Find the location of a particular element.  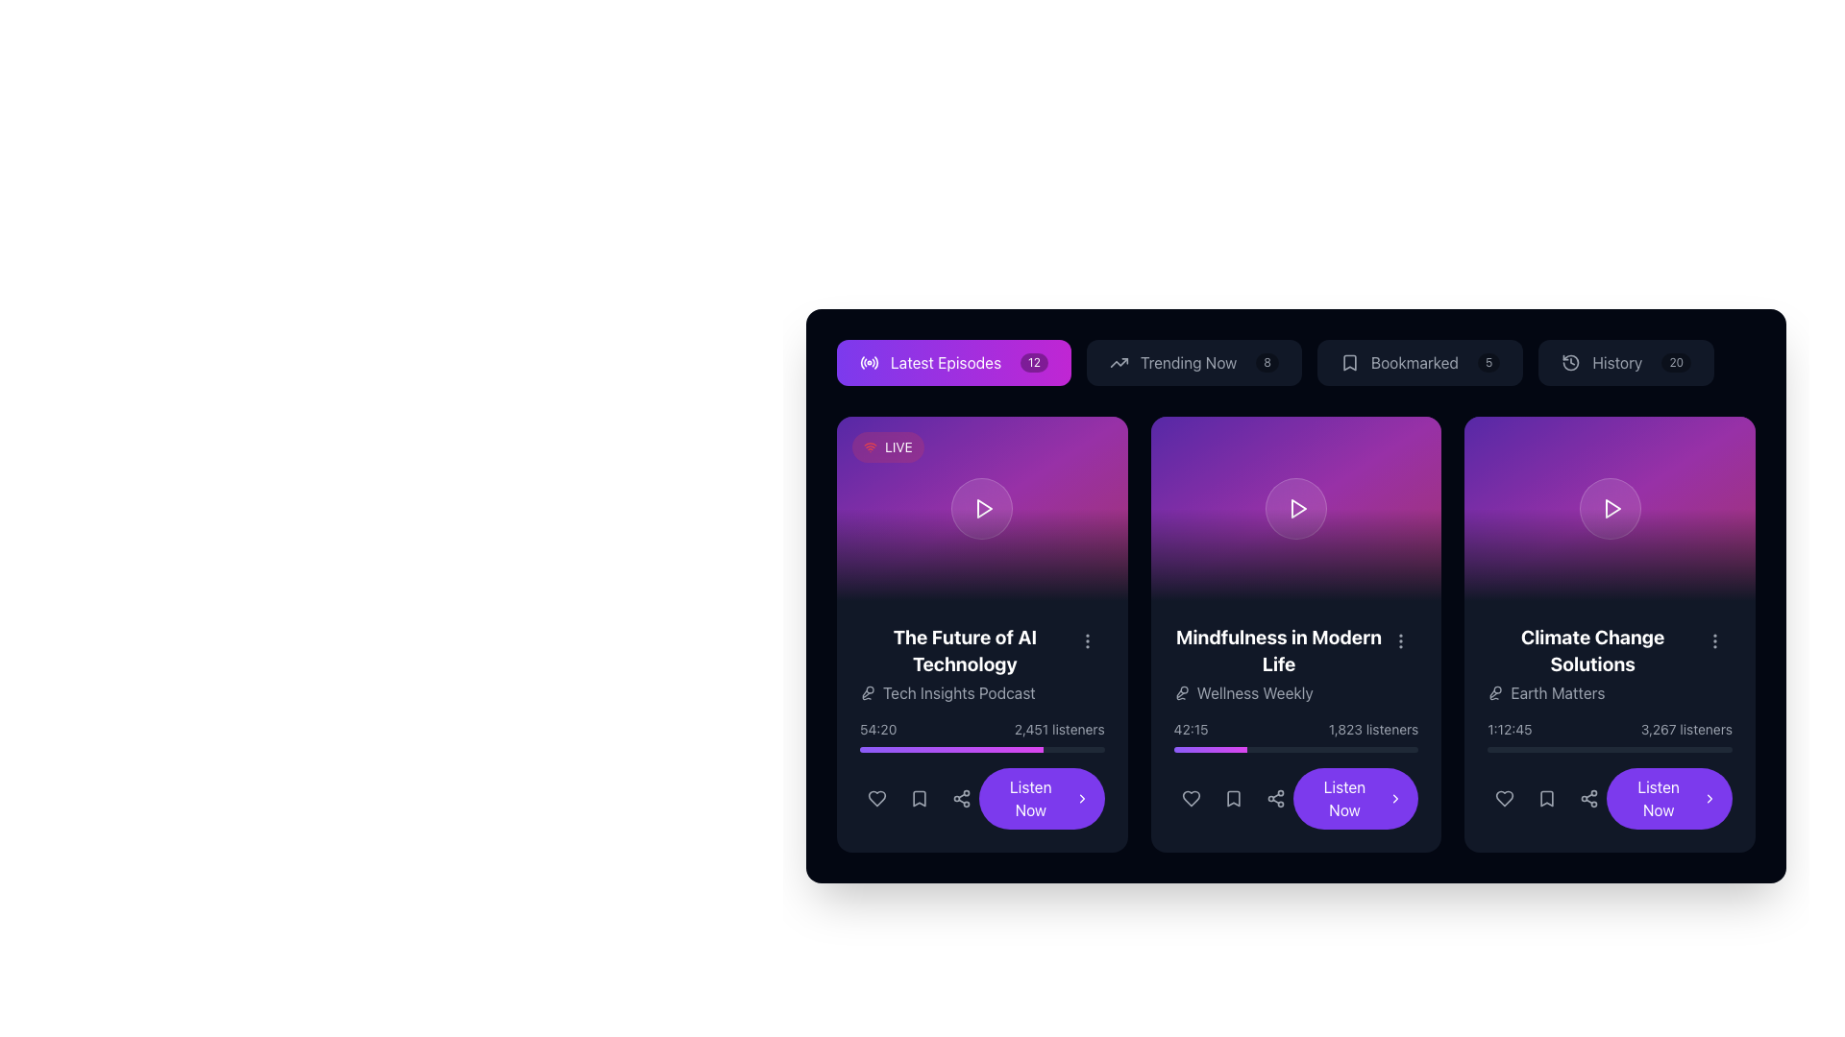

the bookmark icon button, which is a small, outlined emblem resembling an upside-down triangle within a circular button, located in the bottom section of the second card is located at coordinates (1233, 799).